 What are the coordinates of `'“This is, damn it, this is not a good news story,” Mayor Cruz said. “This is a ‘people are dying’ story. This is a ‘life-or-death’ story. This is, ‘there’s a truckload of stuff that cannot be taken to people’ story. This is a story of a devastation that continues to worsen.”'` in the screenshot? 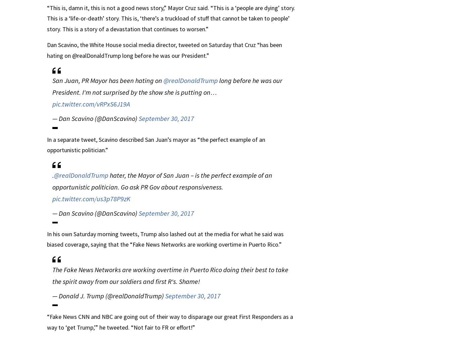 It's located at (171, 18).